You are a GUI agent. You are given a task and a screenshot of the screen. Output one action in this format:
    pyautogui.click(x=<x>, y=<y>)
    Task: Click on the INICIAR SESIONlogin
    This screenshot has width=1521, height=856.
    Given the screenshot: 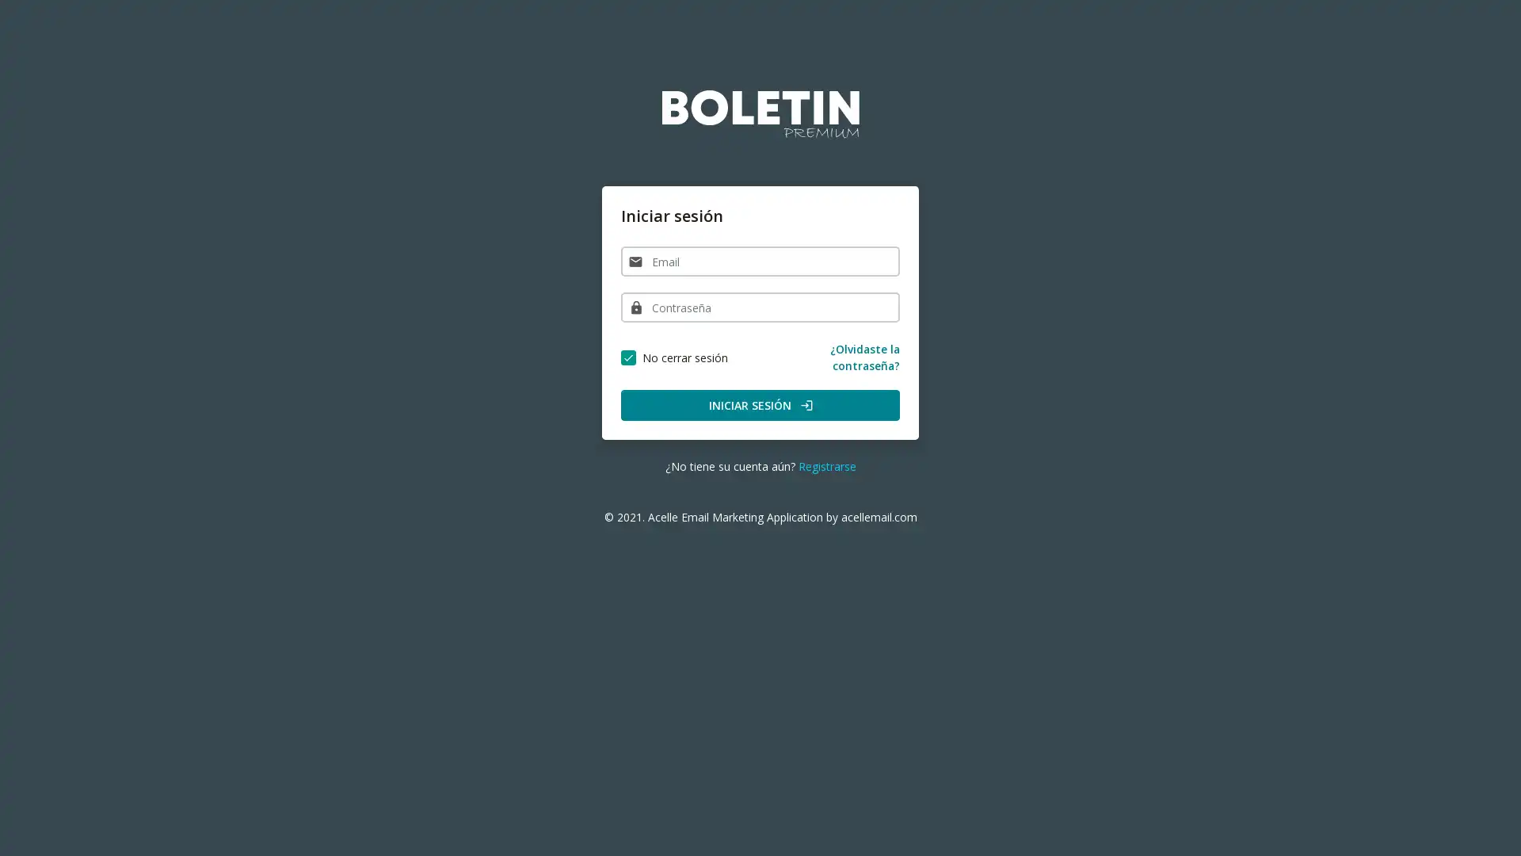 What is the action you would take?
    pyautogui.click(x=760, y=404)
    